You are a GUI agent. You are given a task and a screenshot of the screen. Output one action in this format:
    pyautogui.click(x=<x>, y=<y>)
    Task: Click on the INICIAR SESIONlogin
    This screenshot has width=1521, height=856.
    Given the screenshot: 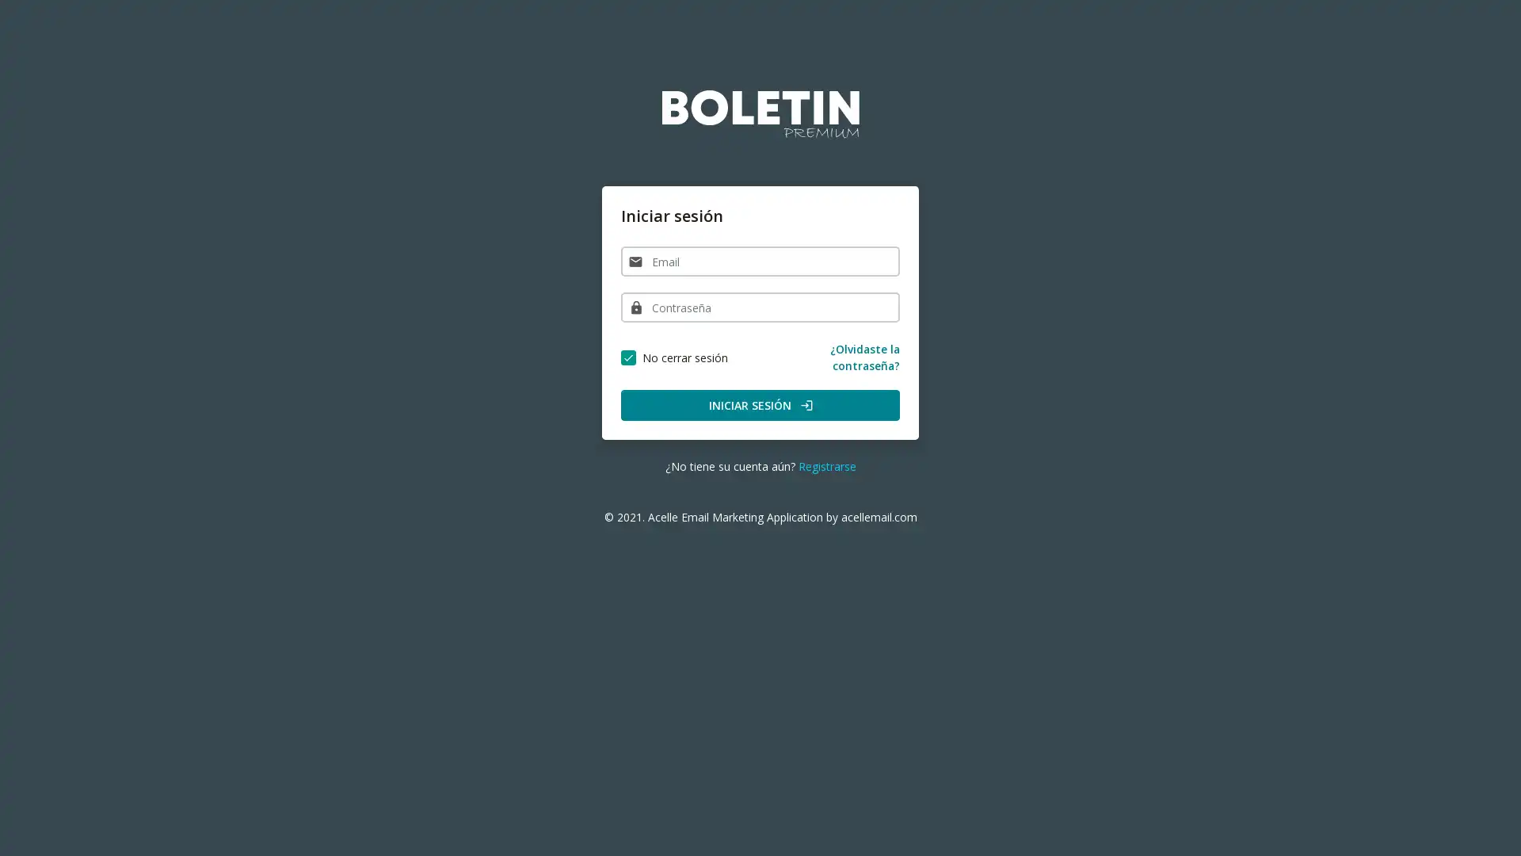 What is the action you would take?
    pyautogui.click(x=760, y=404)
    